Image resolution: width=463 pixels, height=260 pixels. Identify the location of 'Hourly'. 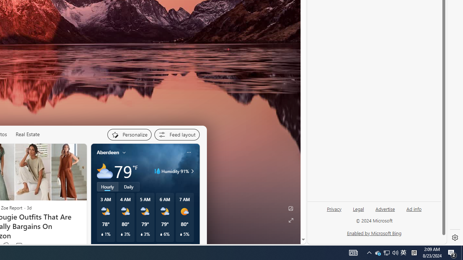
(107, 186).